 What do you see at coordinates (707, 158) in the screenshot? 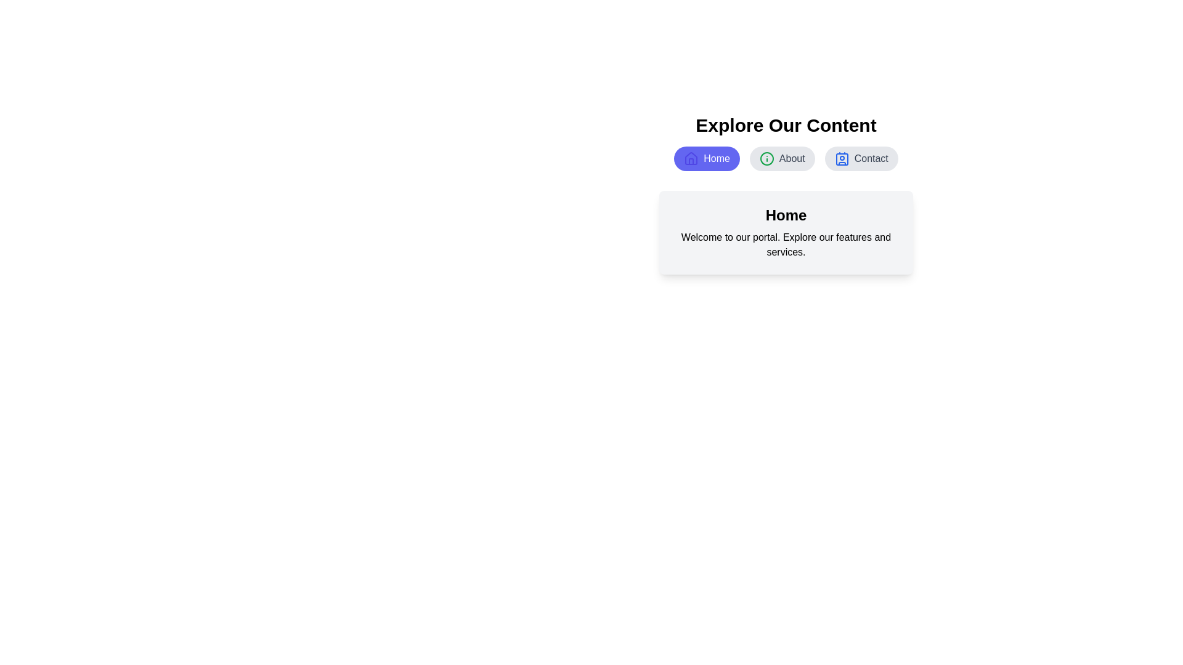
I see `the button labeled Home` at bounding box center [707, 158].